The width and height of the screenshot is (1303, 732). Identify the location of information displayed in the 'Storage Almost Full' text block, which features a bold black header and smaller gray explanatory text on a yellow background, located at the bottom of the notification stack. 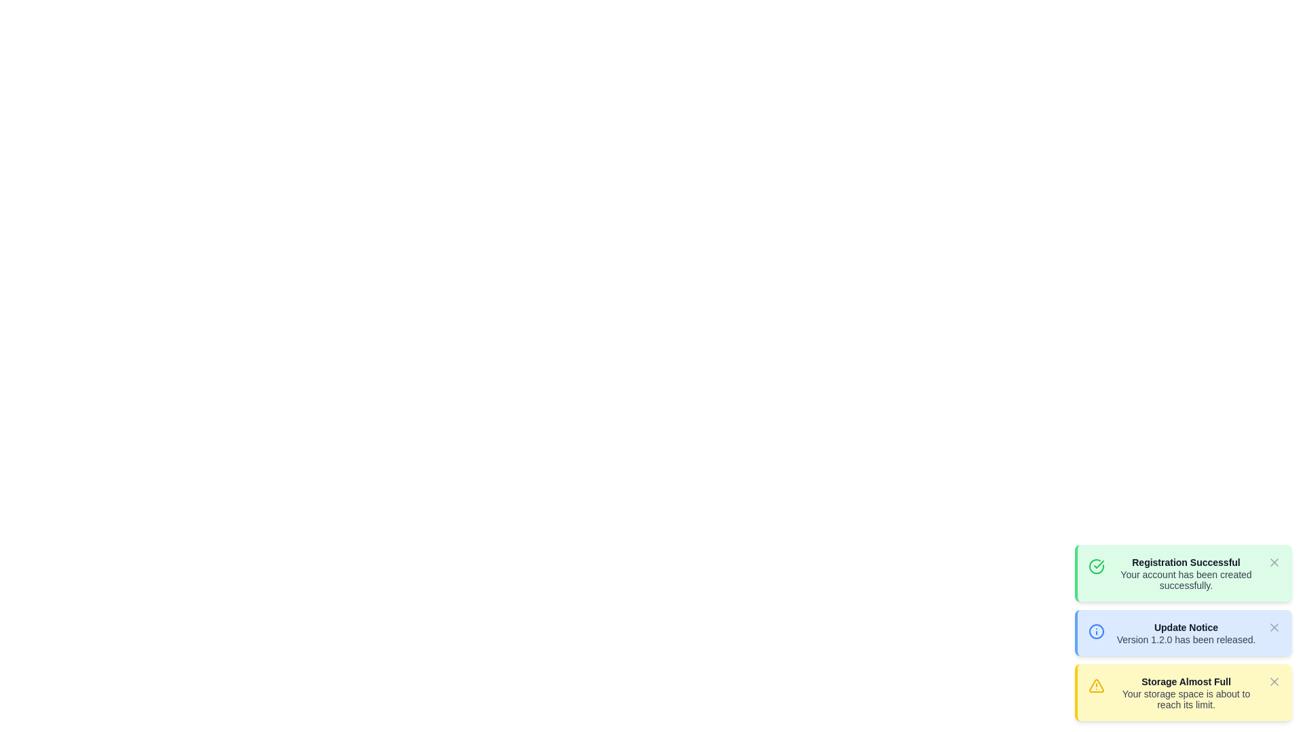
(1185, 693).